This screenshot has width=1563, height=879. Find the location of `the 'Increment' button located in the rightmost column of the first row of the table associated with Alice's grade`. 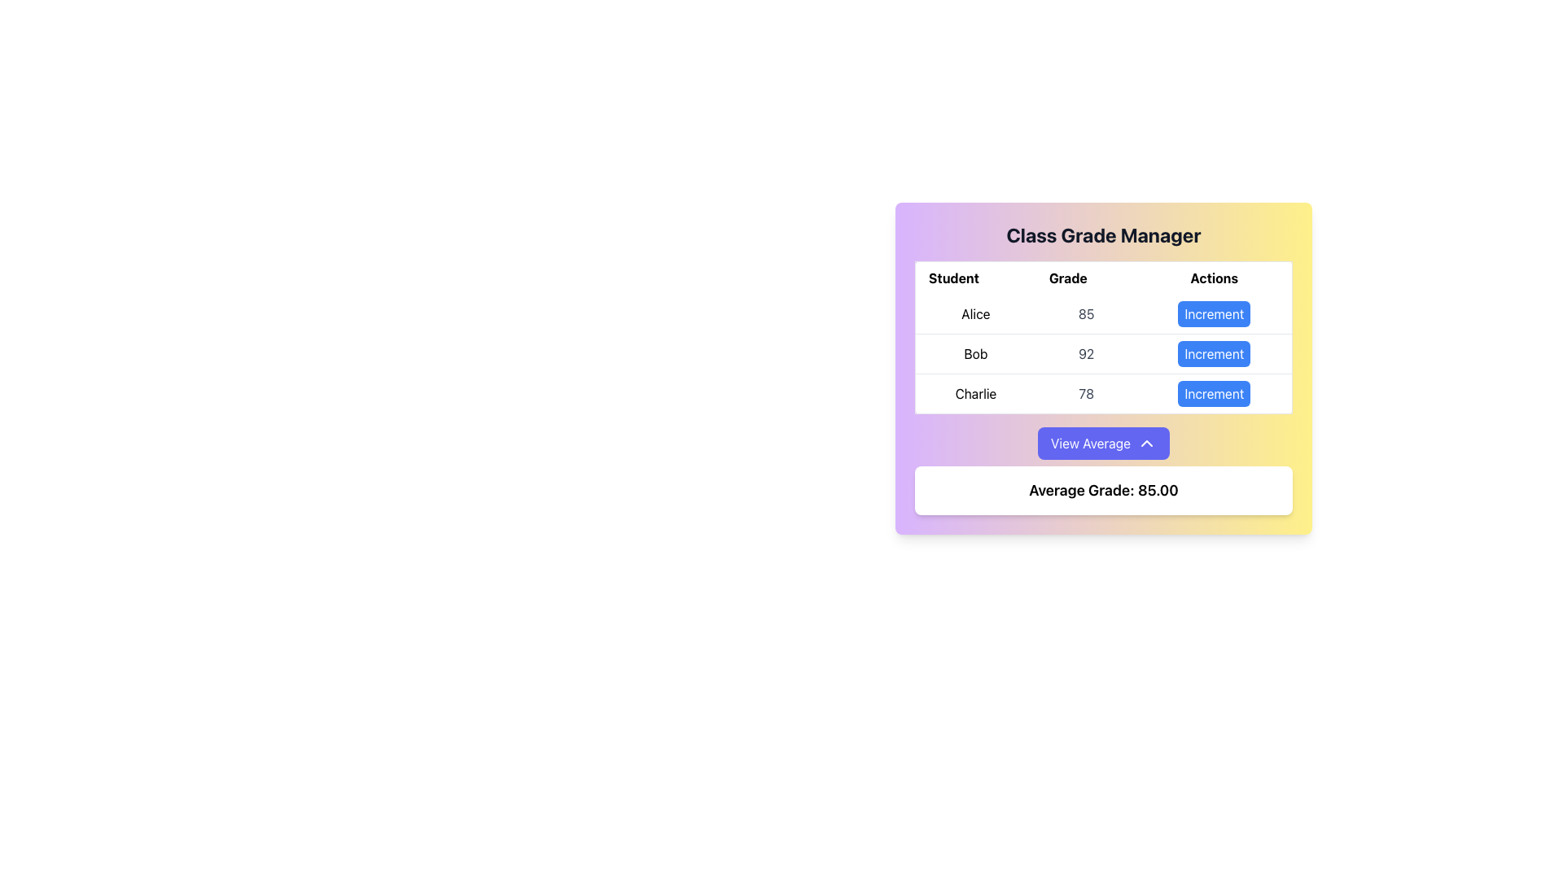

the 'Increment' button located in the rightmost column of the first row of the table associated with Alice's grade is located at coordinates (1215, 314).